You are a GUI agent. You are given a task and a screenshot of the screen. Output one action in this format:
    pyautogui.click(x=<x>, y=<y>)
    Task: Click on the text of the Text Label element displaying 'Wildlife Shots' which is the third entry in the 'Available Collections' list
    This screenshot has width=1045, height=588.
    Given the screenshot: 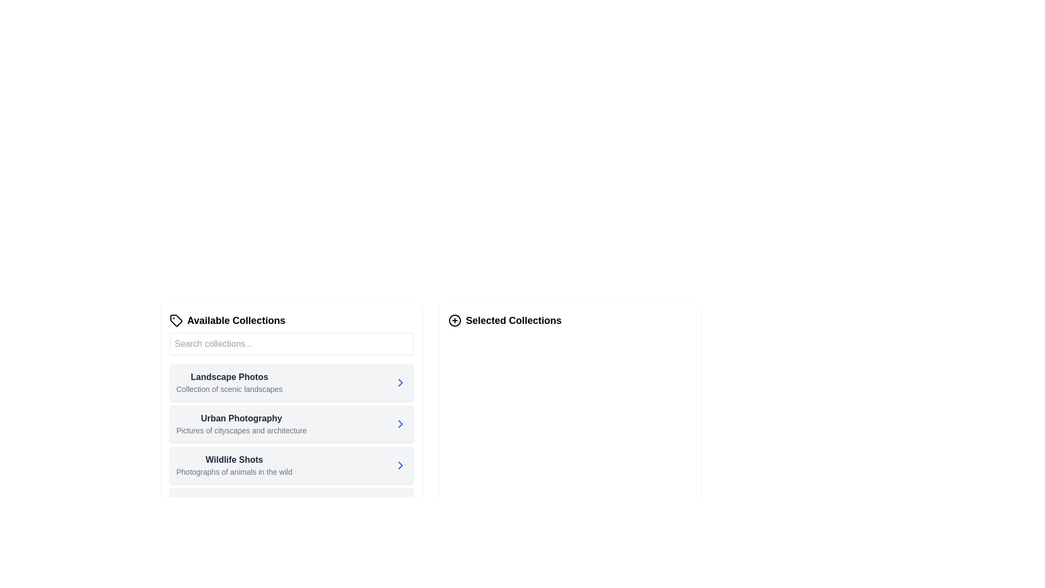 What is the action you would take?
    pyautogui.click(x=233, y=460)
    